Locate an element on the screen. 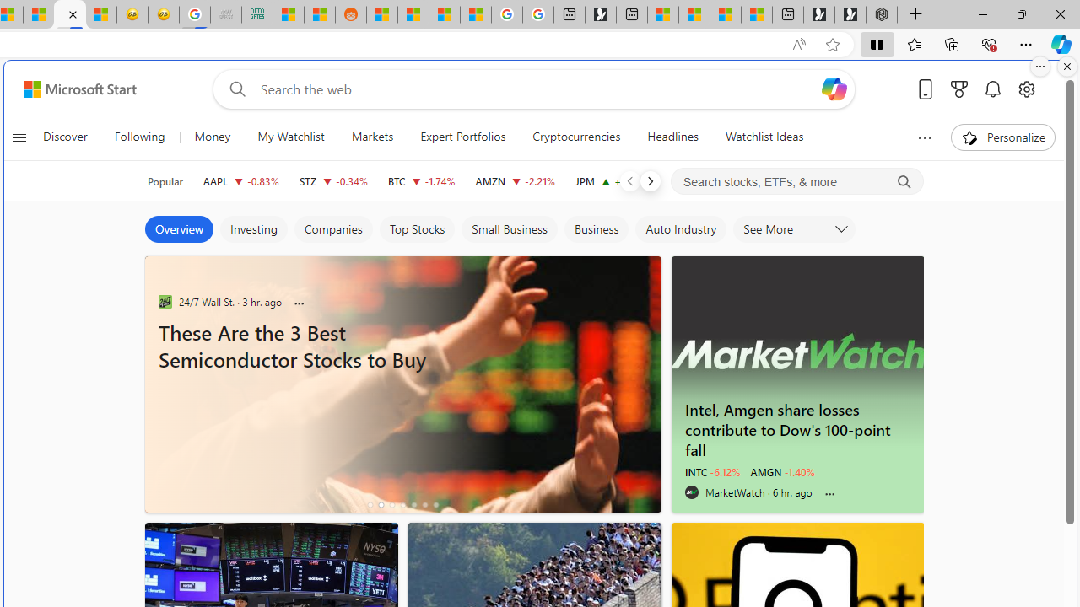  'Web search' is located at coordinates (234, 89).